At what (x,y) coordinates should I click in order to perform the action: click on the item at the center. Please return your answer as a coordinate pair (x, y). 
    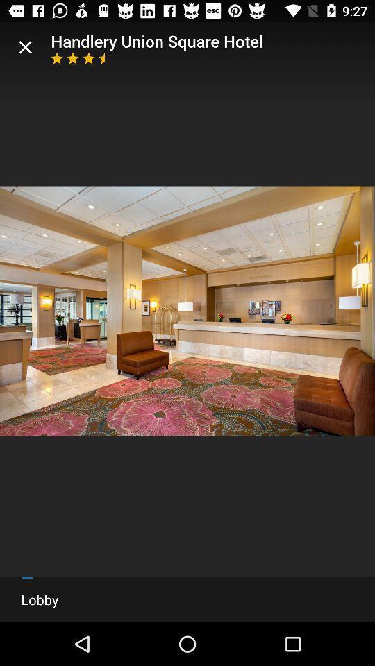
    Looking at the image, I should click on (187, 311).